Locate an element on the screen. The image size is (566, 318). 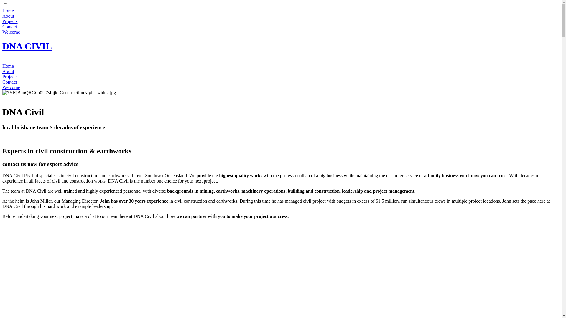
'Welcome' is located at coordinates (11, 87).